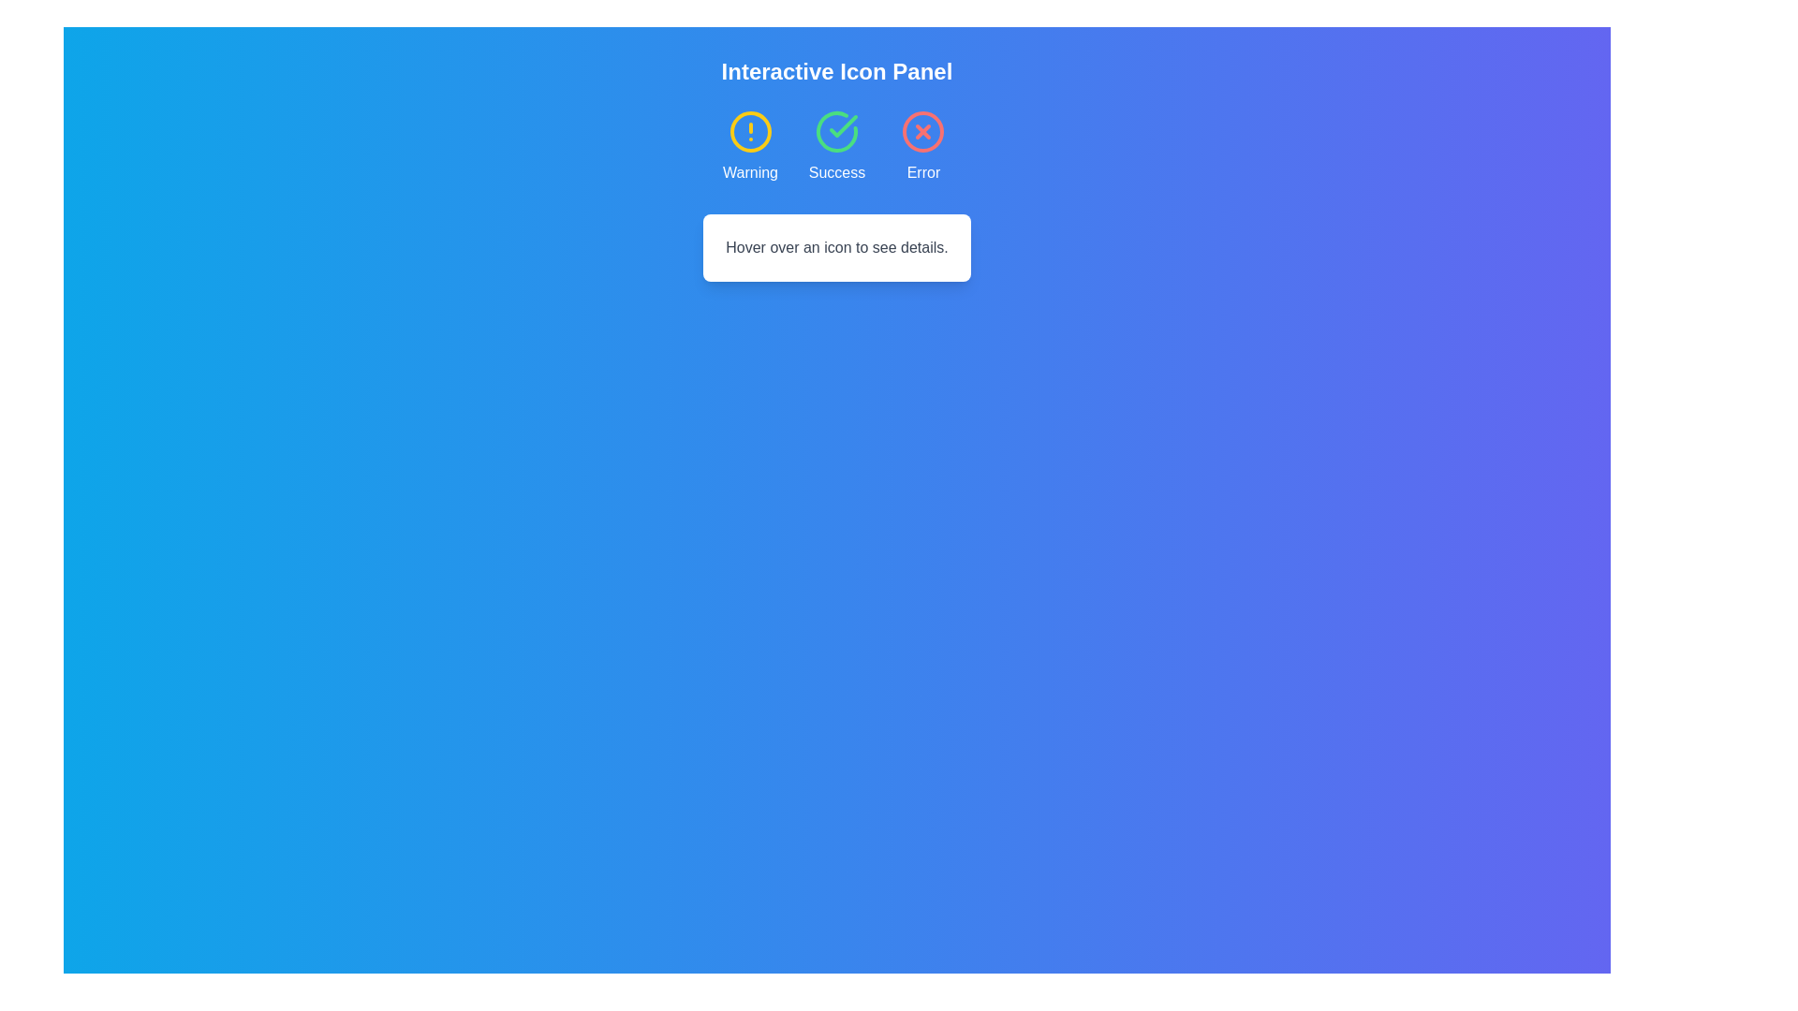 The height and width of the screenshot is (1011, 1798). Describe the element at coordinates (835, 173) in the screenshot. I see `the text label displaying 'Success', which is styled in white text and positioned below the green checkmark icon` at that location.